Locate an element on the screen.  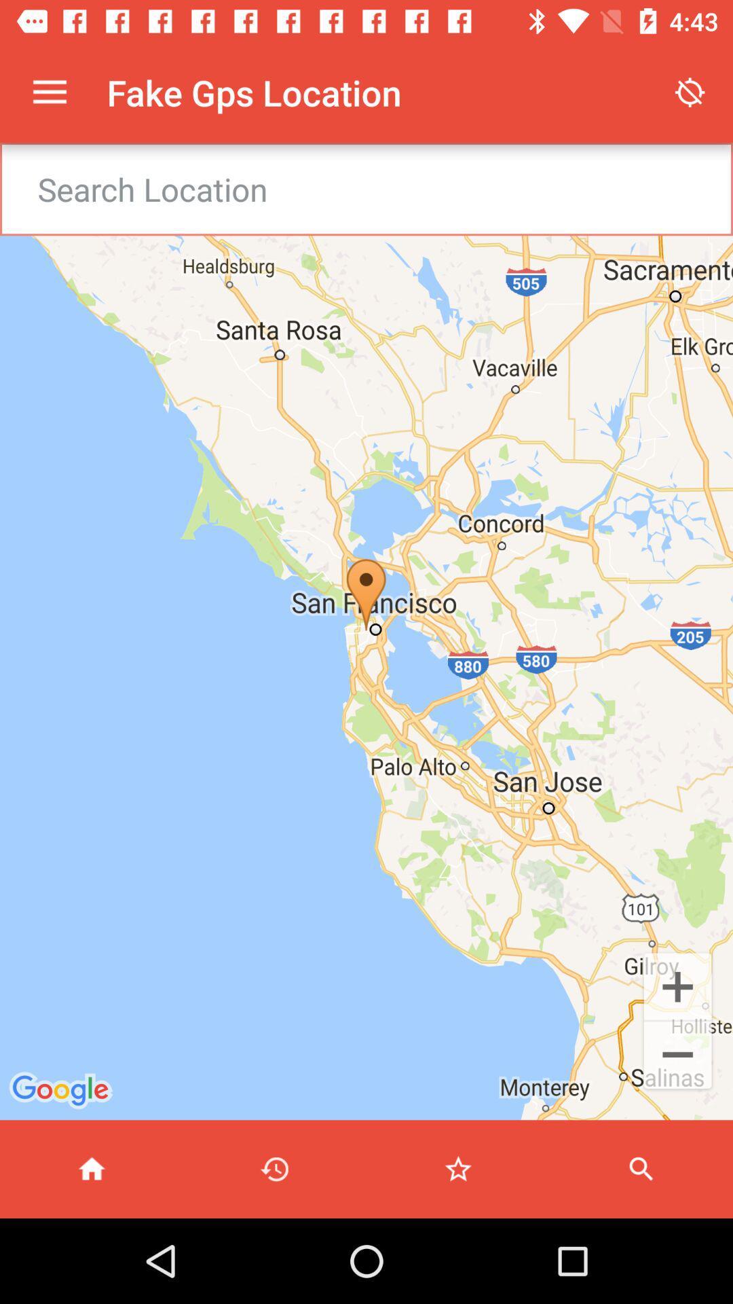
item next to fake gps location item is located at coordinates (49, 92).